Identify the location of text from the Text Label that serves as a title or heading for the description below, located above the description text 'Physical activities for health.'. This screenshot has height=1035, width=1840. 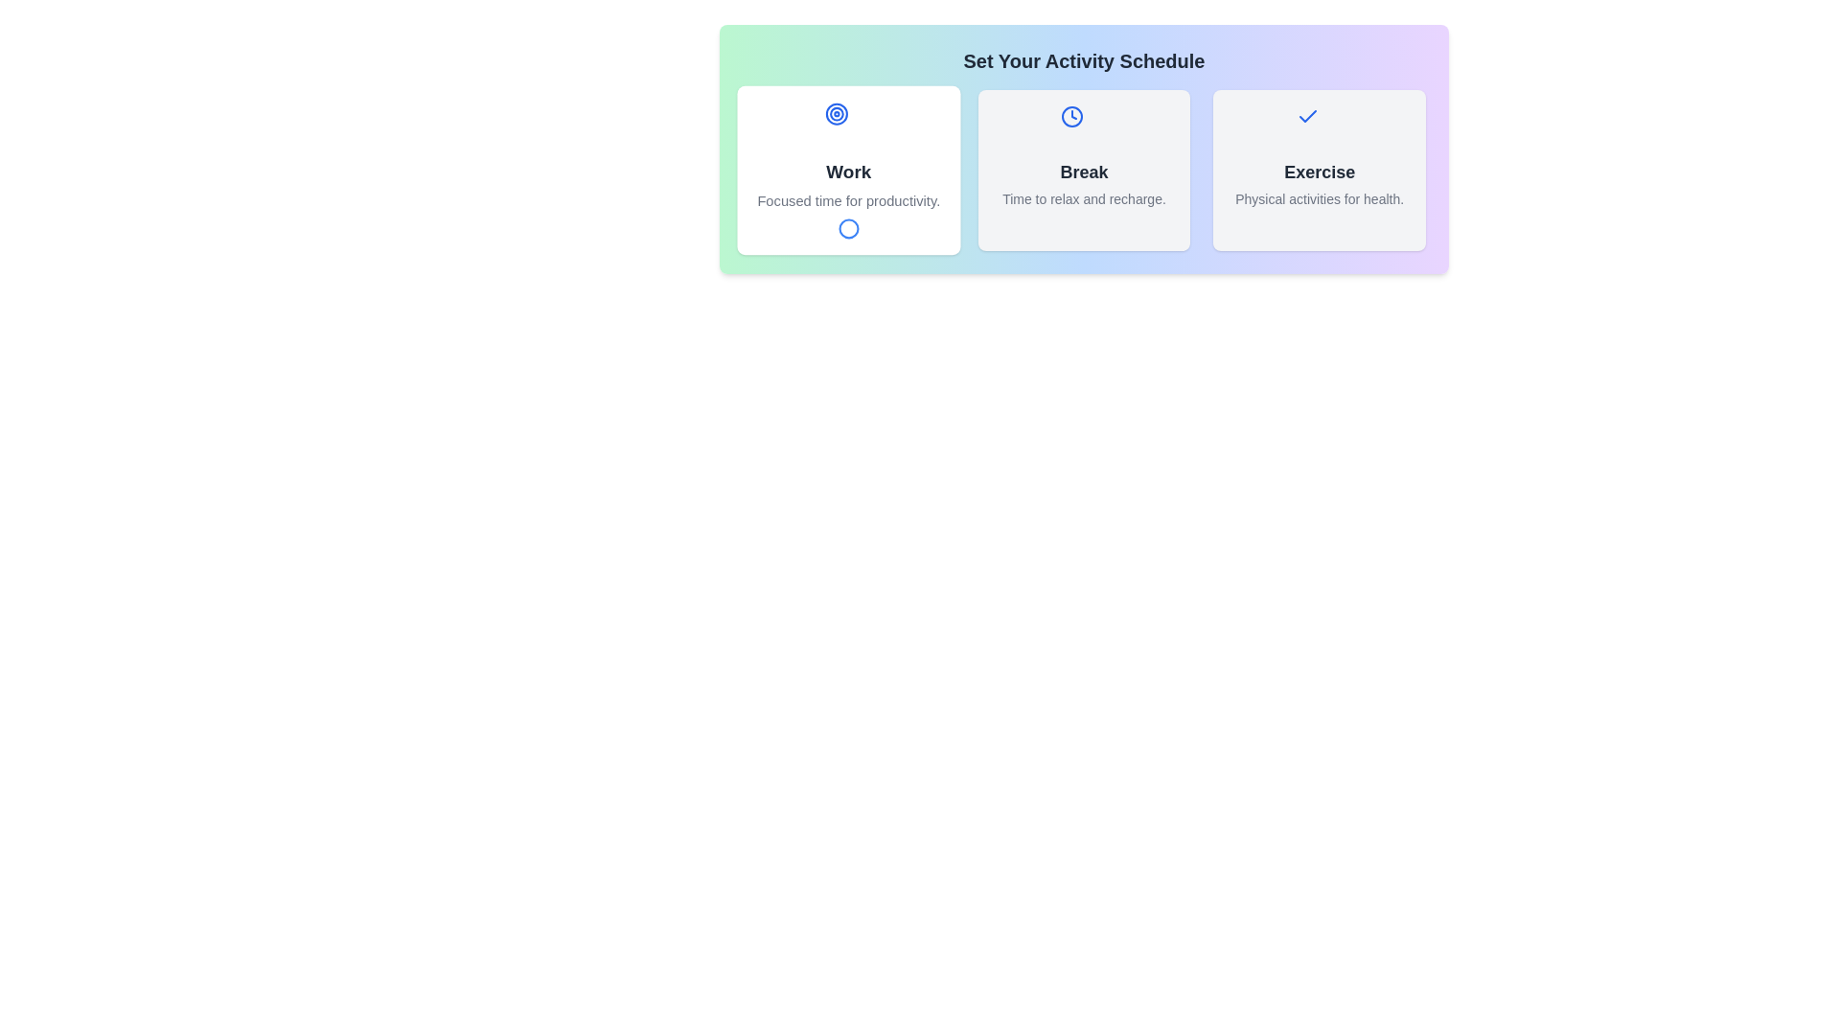
(1319, 172).